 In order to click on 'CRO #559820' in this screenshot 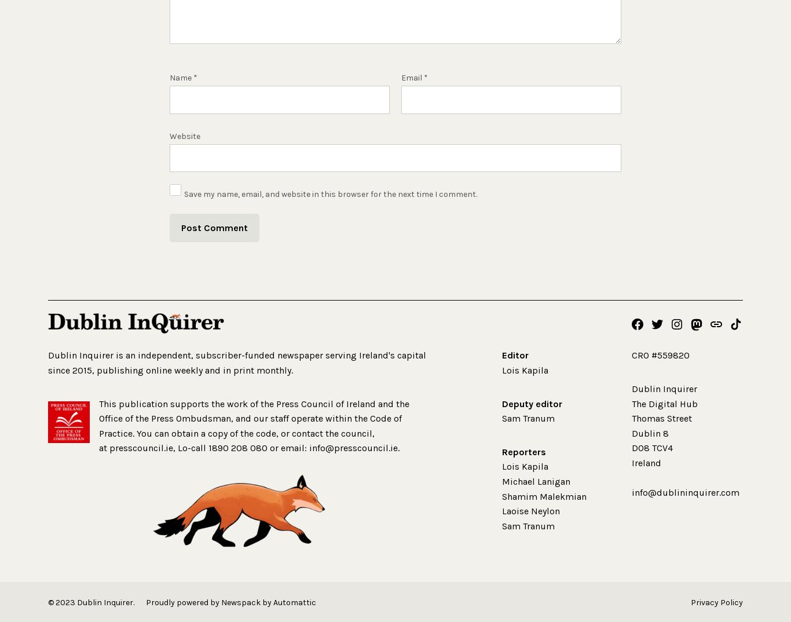, I will do `click(631, 355)`.